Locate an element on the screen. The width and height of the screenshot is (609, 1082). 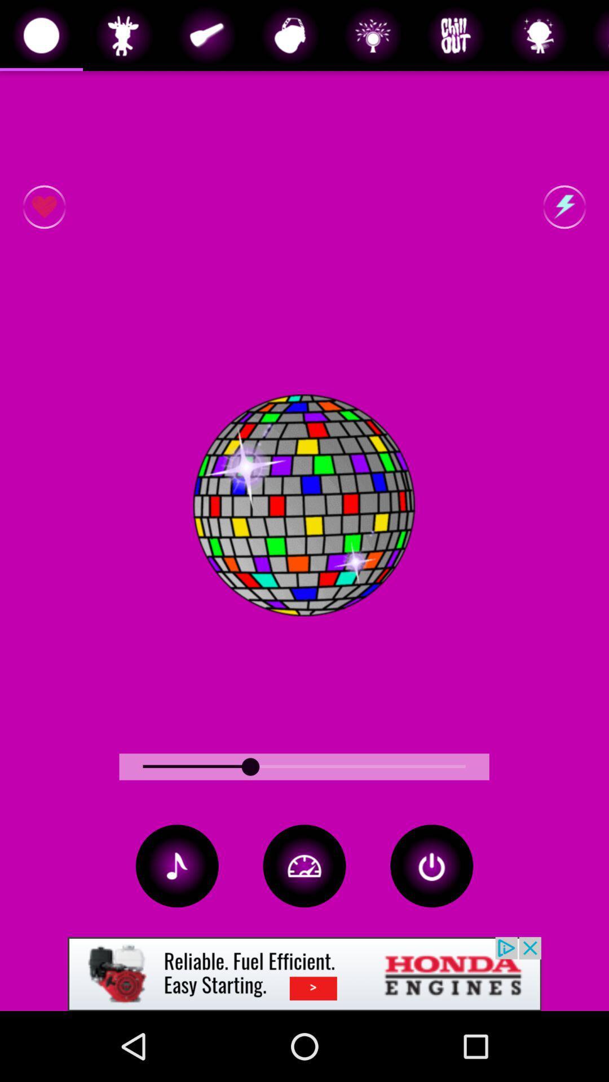
button is located at coordinates (431, 865).